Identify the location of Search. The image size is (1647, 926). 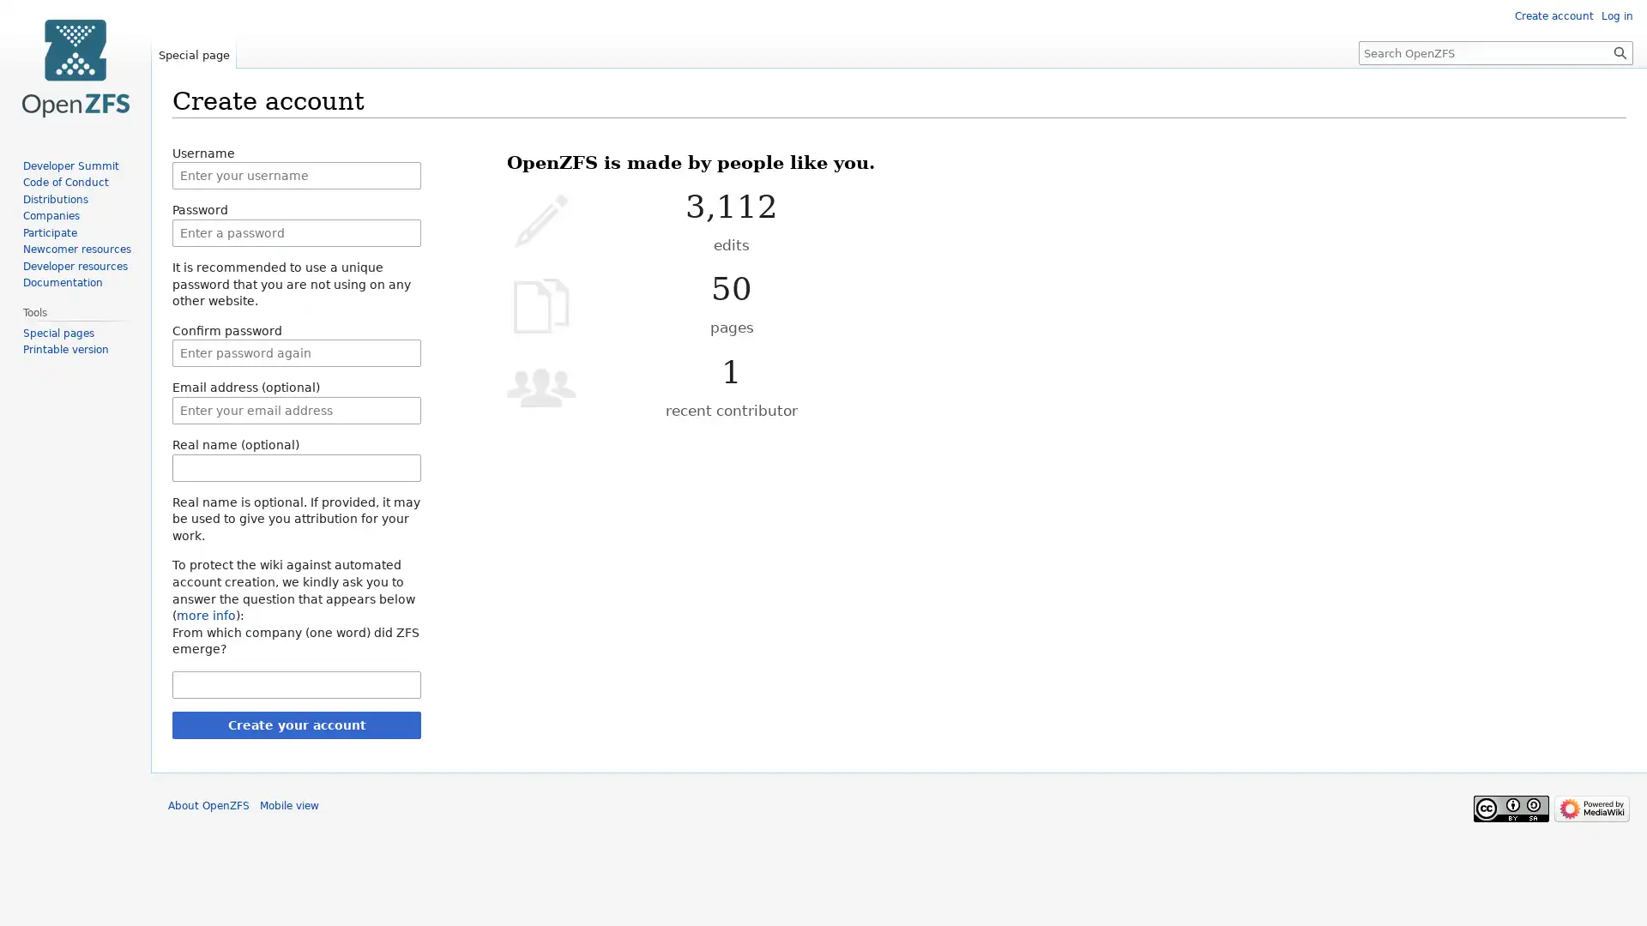
(1620, 51).